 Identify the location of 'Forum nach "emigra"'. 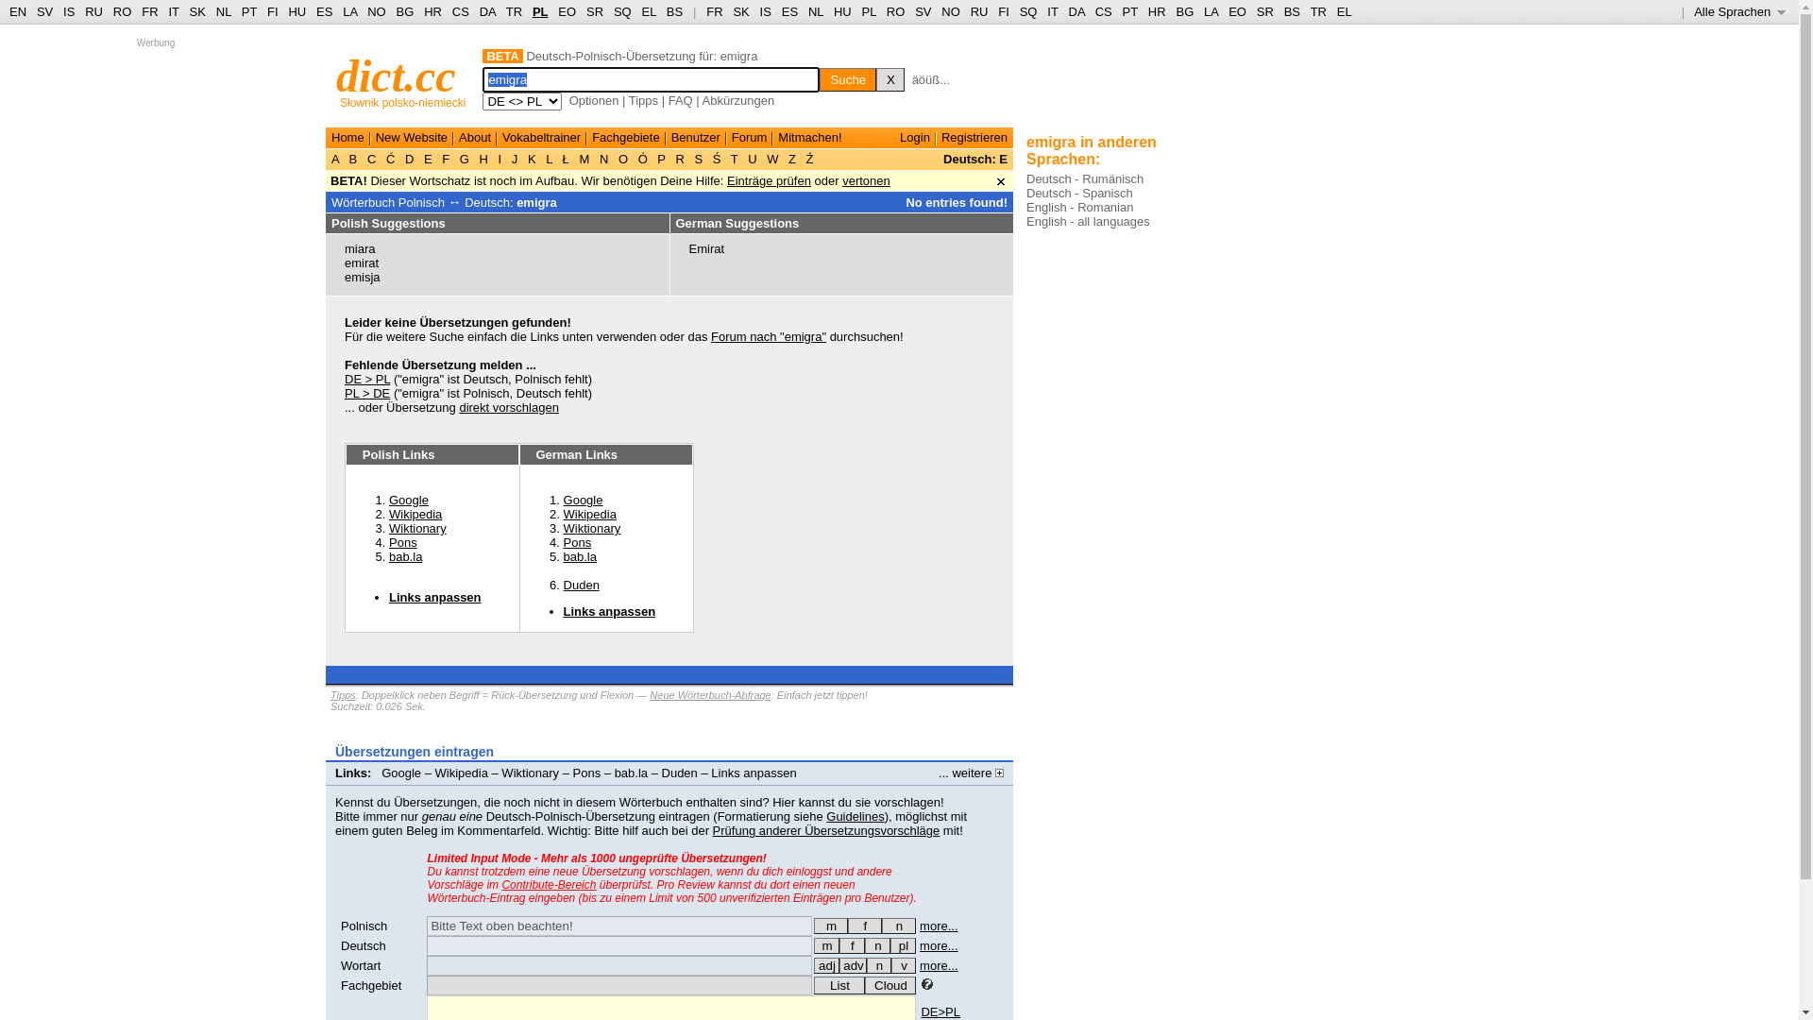
(769, 335).